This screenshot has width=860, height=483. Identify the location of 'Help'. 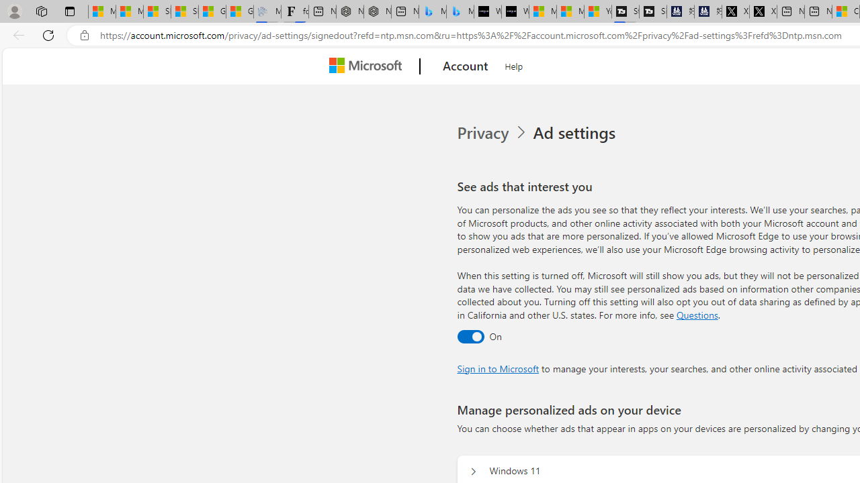
(513, 64).